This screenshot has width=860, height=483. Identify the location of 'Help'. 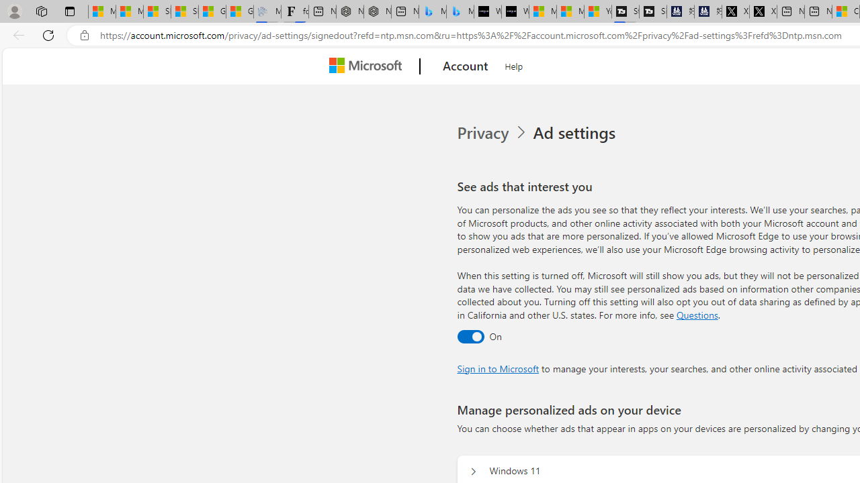
(513, 64).